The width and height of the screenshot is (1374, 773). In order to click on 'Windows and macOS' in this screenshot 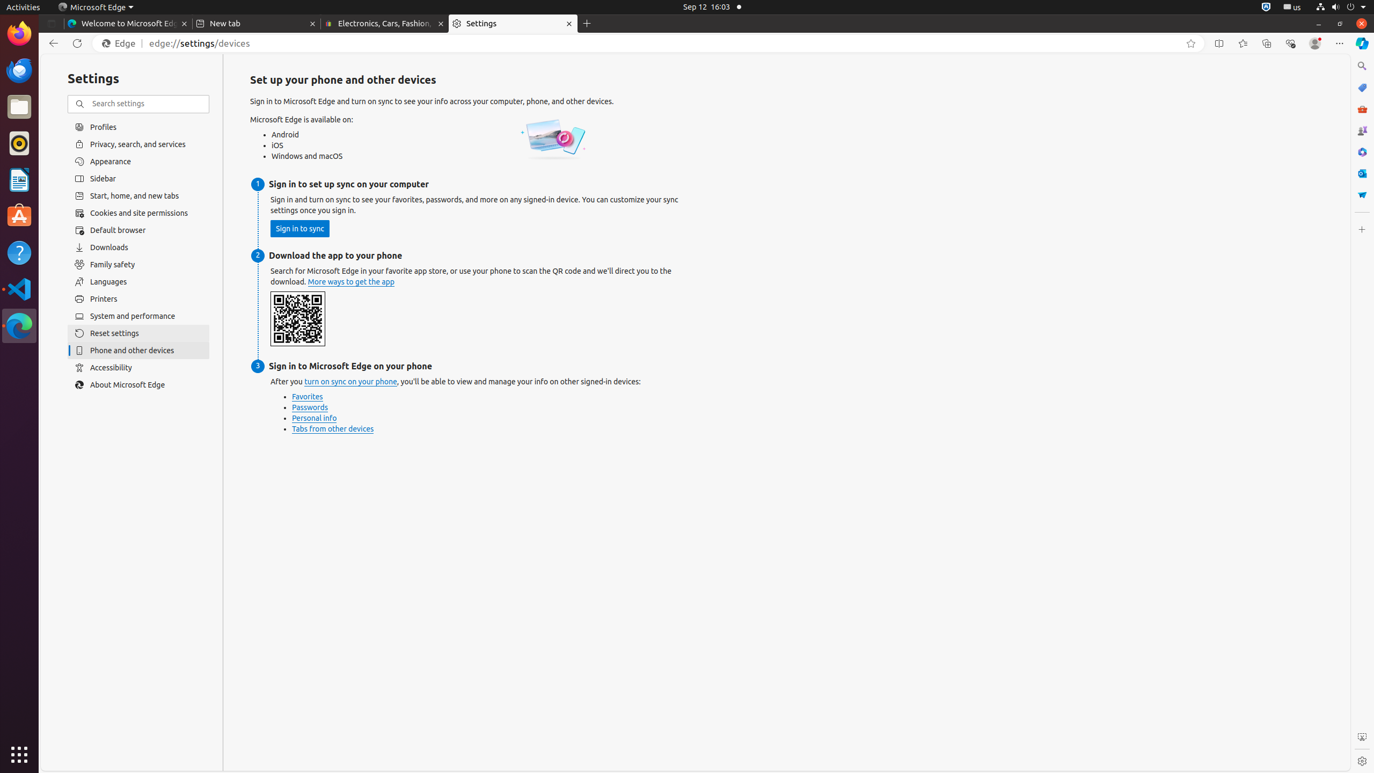, I will do `click(309, 156)`.